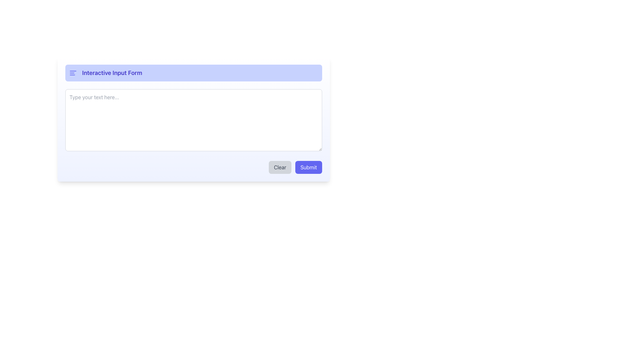 This screenshot has width=621, height=349. Describe the element at coordinates (73, 73) in the screenshot. I see `the indigo SVG icon representing a menu, located to the left of the 'Interactive Input Form' label in the blue header` at that location.